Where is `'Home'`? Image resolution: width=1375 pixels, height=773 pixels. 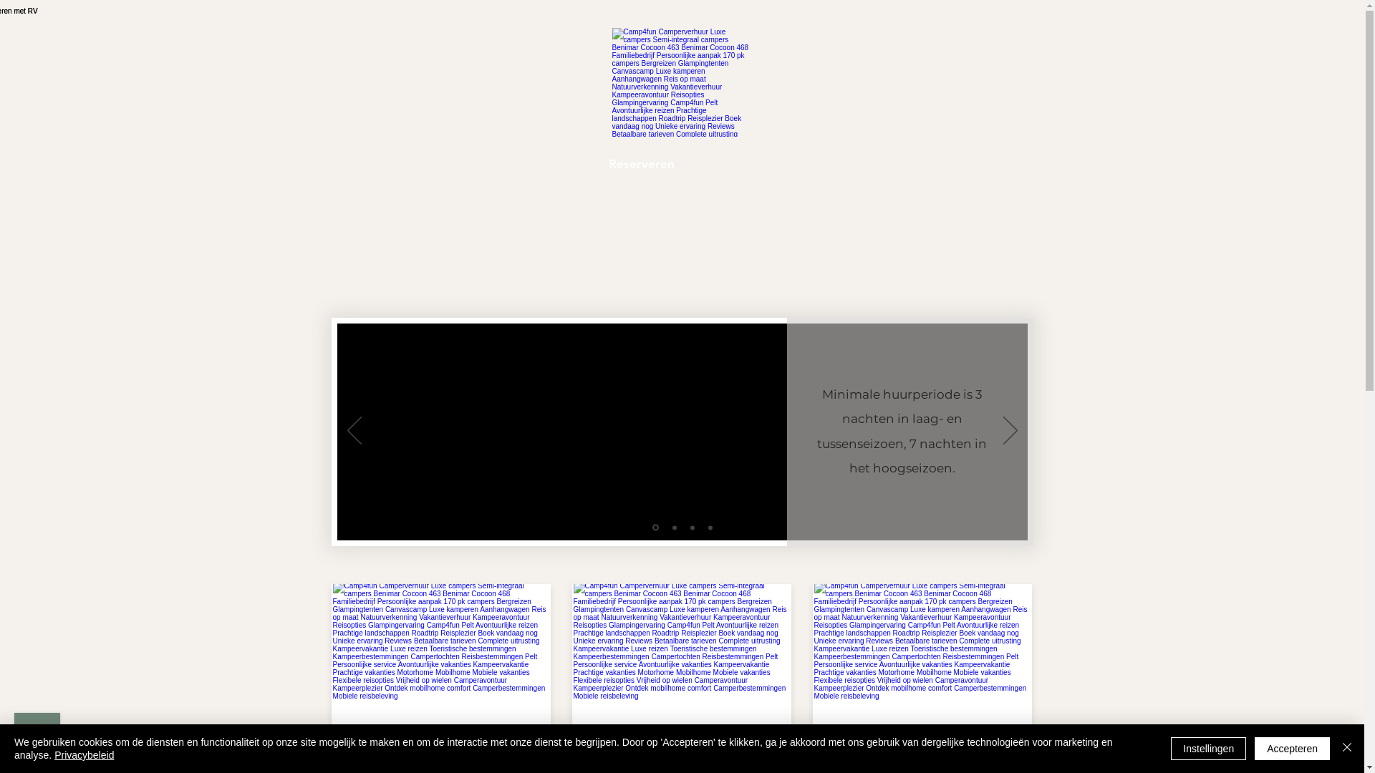 'Home' is located at coordinates (430, 162).